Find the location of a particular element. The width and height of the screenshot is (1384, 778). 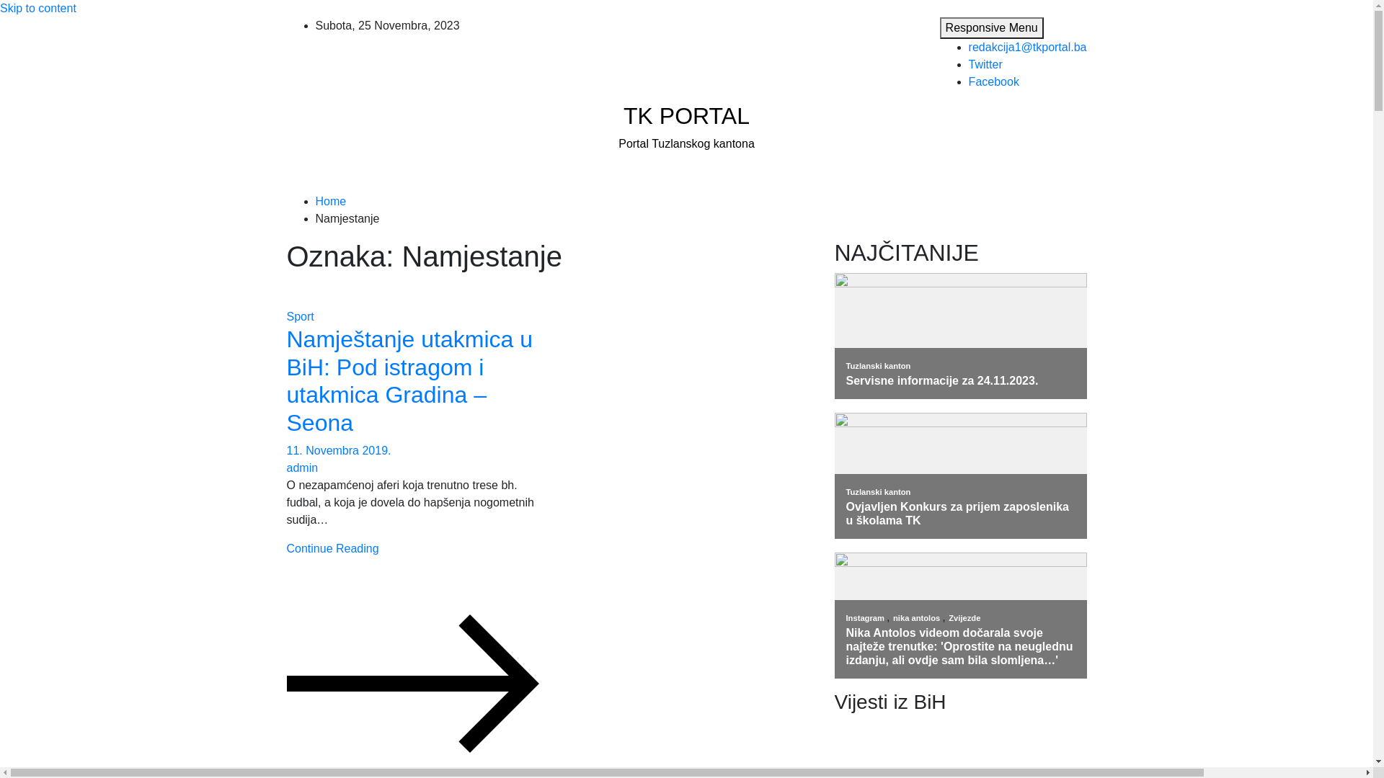

'Twitter' is located at coordinates (969, 63).